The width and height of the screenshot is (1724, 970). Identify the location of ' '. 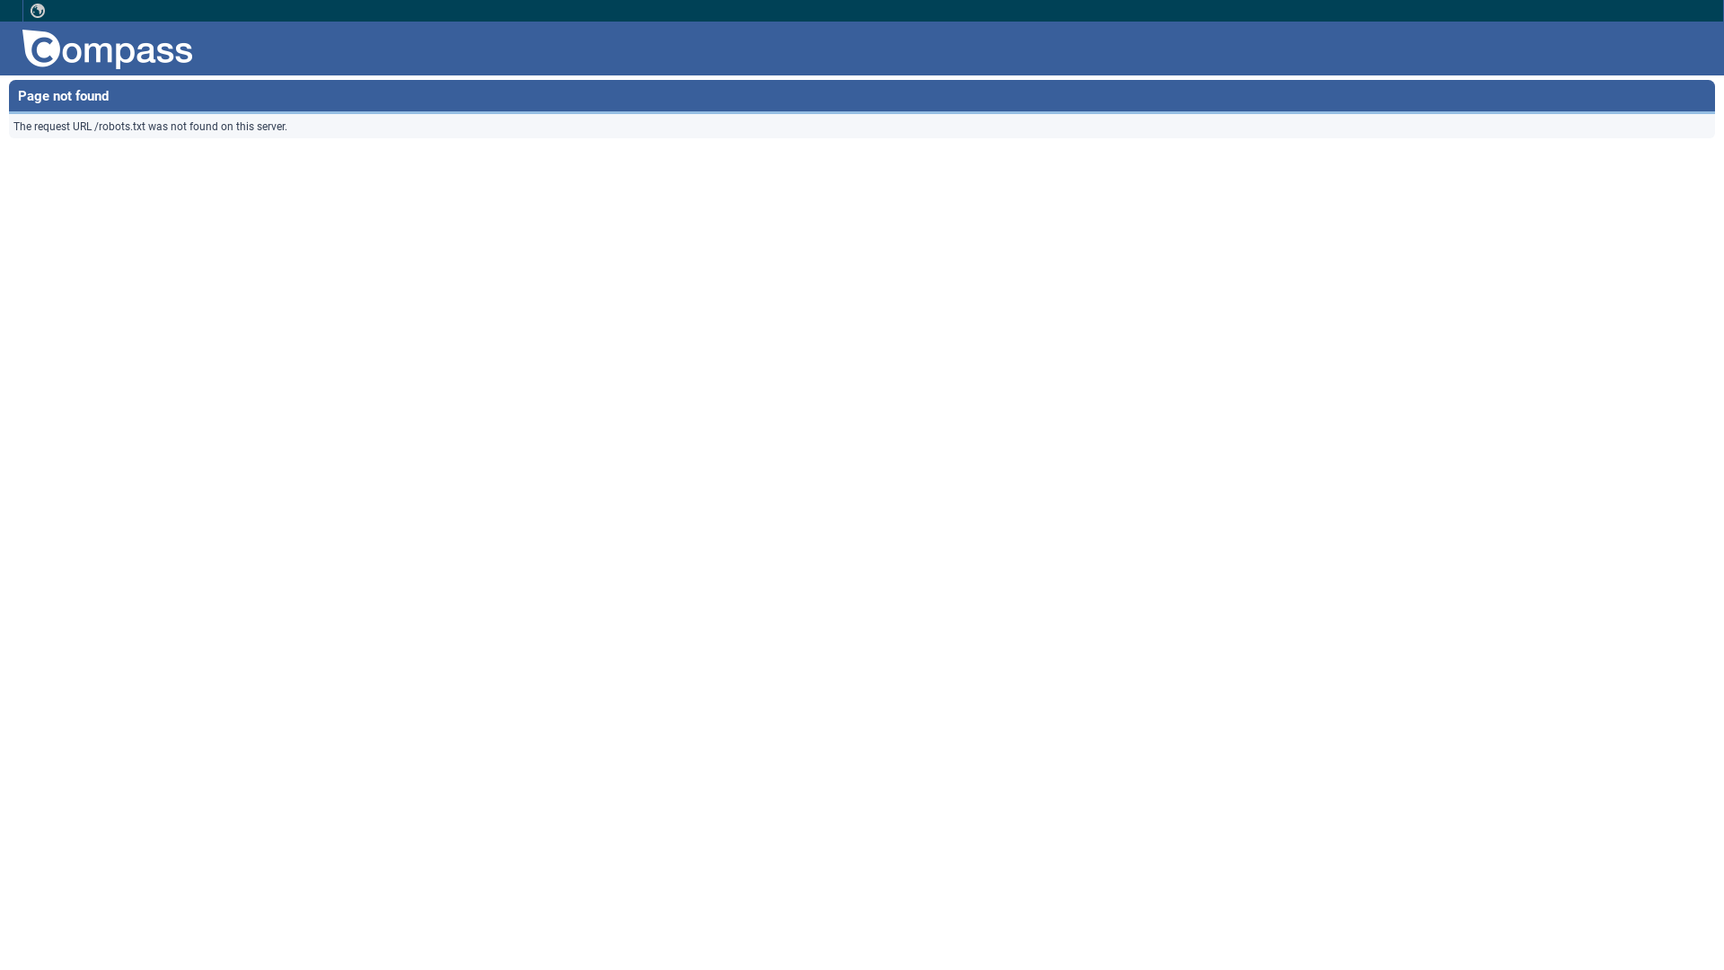
(37, 10).